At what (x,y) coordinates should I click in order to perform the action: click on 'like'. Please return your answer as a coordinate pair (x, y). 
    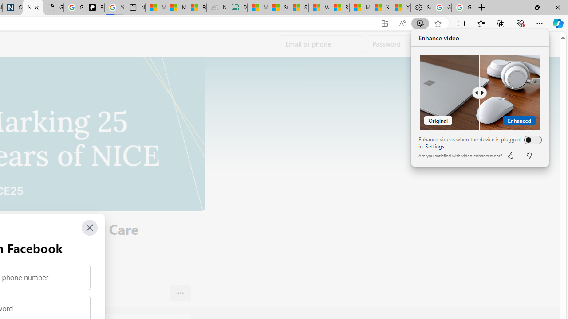
    Looking at the image, I should click on (510, 155).